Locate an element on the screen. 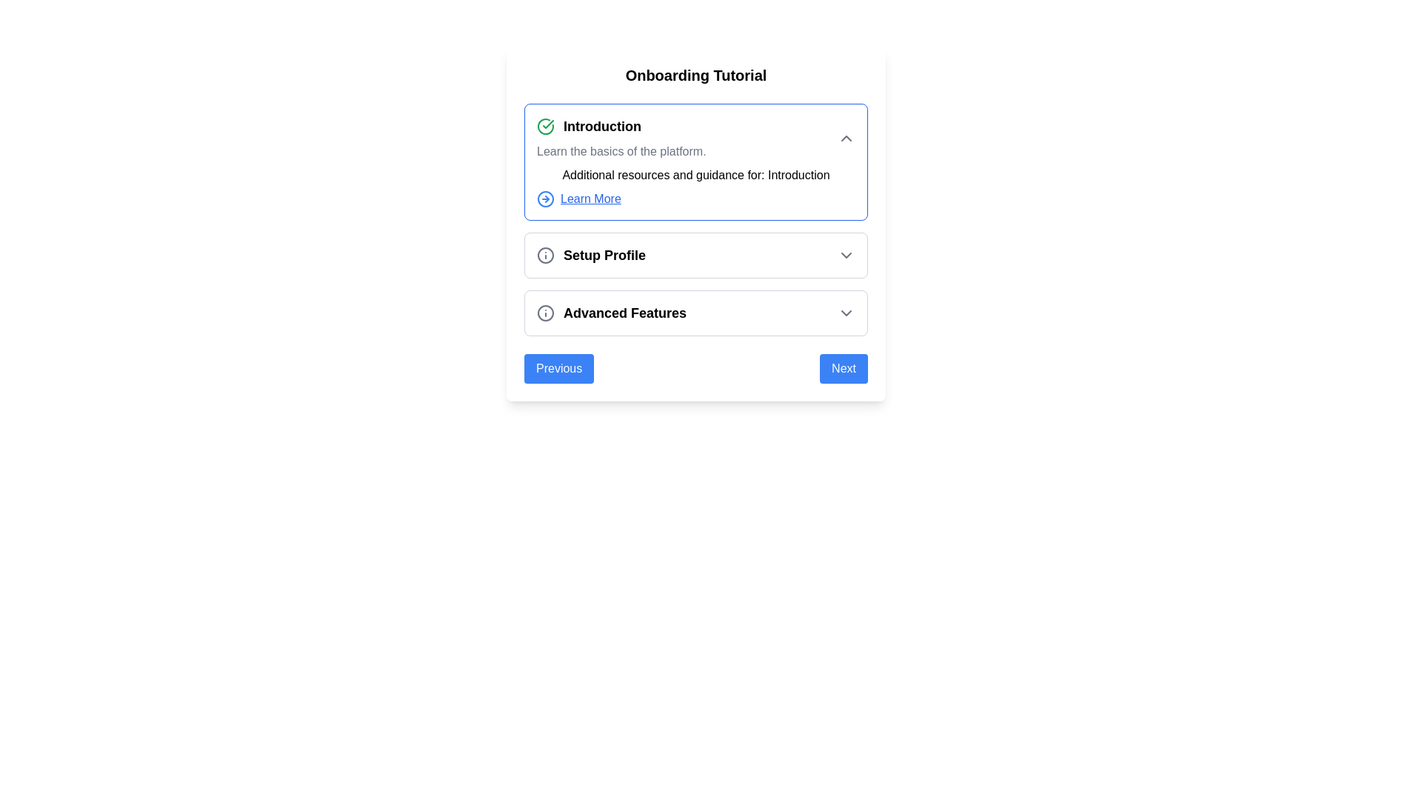 The width and height of the screenshot is (1422, 800). the circular blue Icon button with a right arrow icon, positioned to the left of the 'Learn More' link in the 'Introduction' section is located at coordinates (545, 199).